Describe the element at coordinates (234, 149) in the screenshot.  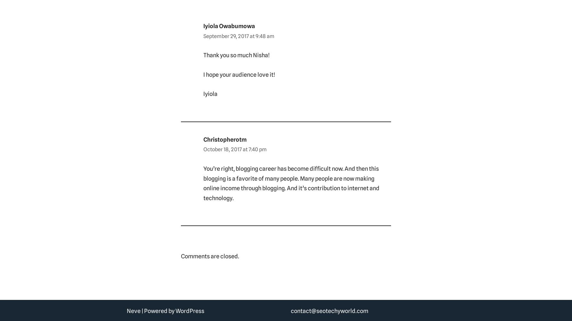
I see `'October 18, 2017 at 7:40 pm'` at that location.